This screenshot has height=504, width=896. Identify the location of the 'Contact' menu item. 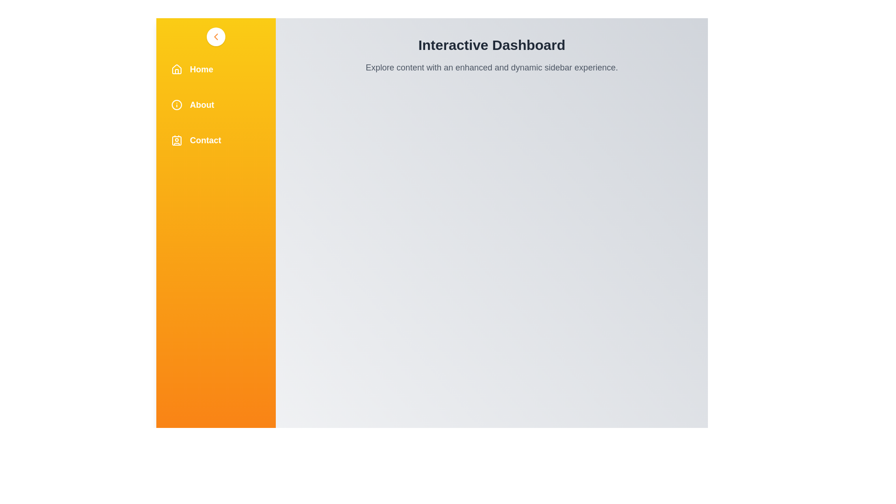
(215, 140).